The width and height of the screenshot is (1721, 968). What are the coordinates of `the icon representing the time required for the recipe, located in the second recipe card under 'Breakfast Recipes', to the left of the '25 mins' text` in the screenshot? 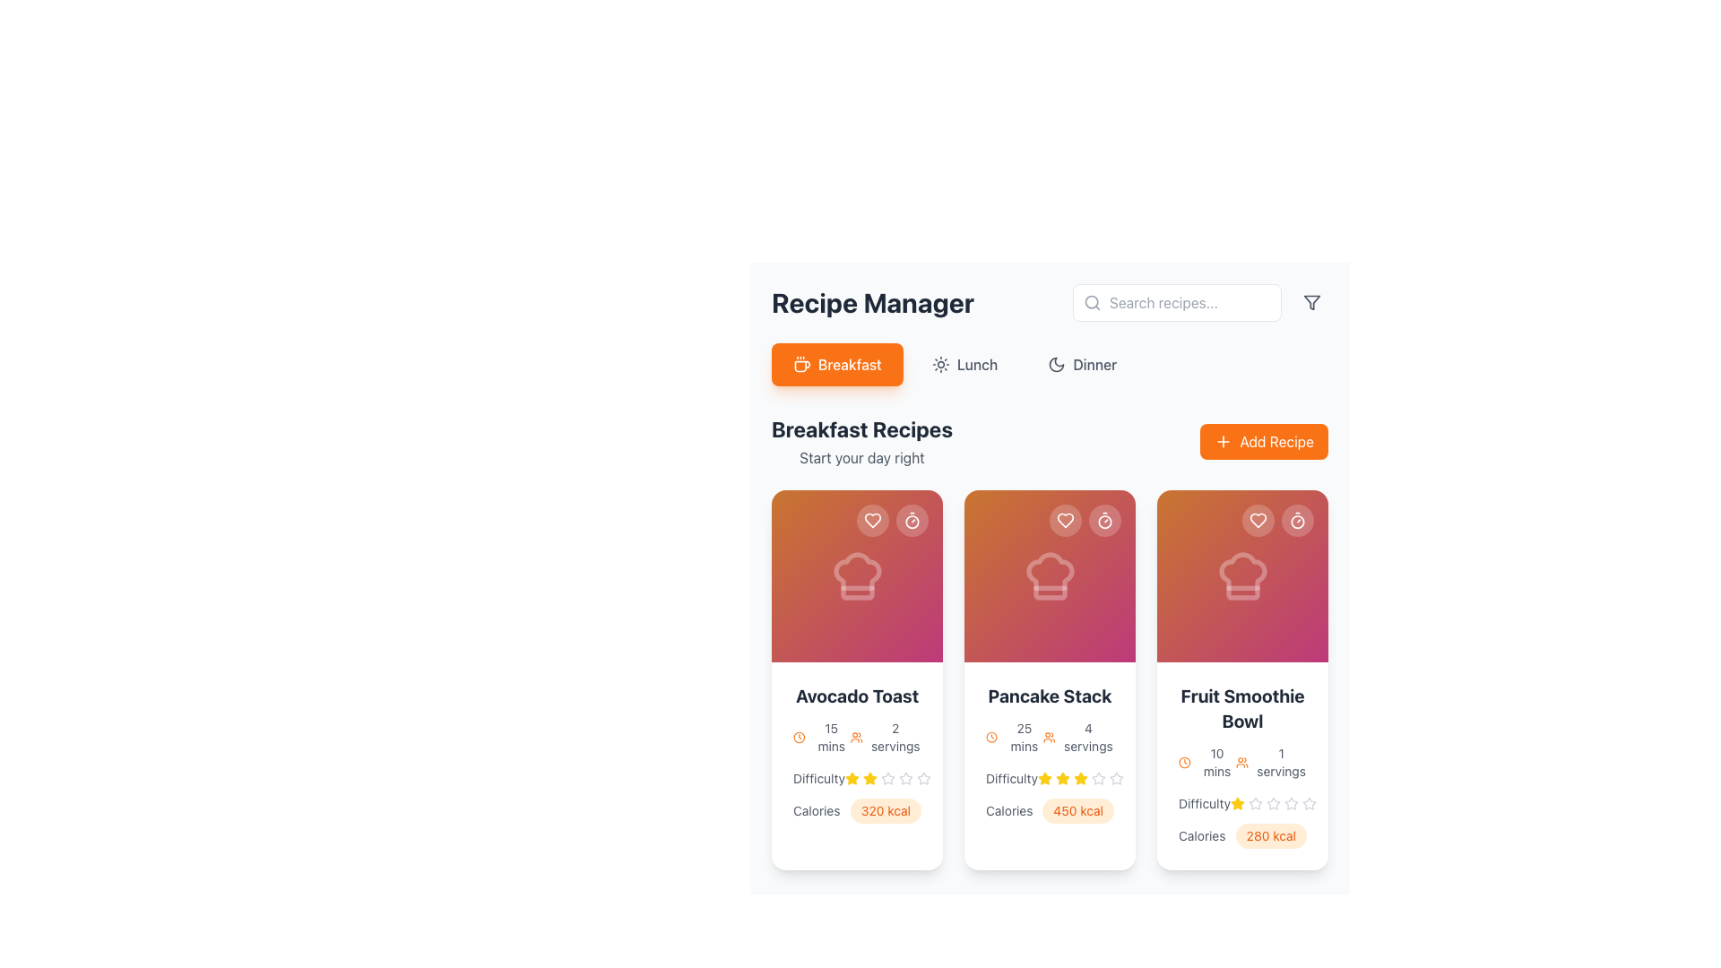 It's located at (990, 737).